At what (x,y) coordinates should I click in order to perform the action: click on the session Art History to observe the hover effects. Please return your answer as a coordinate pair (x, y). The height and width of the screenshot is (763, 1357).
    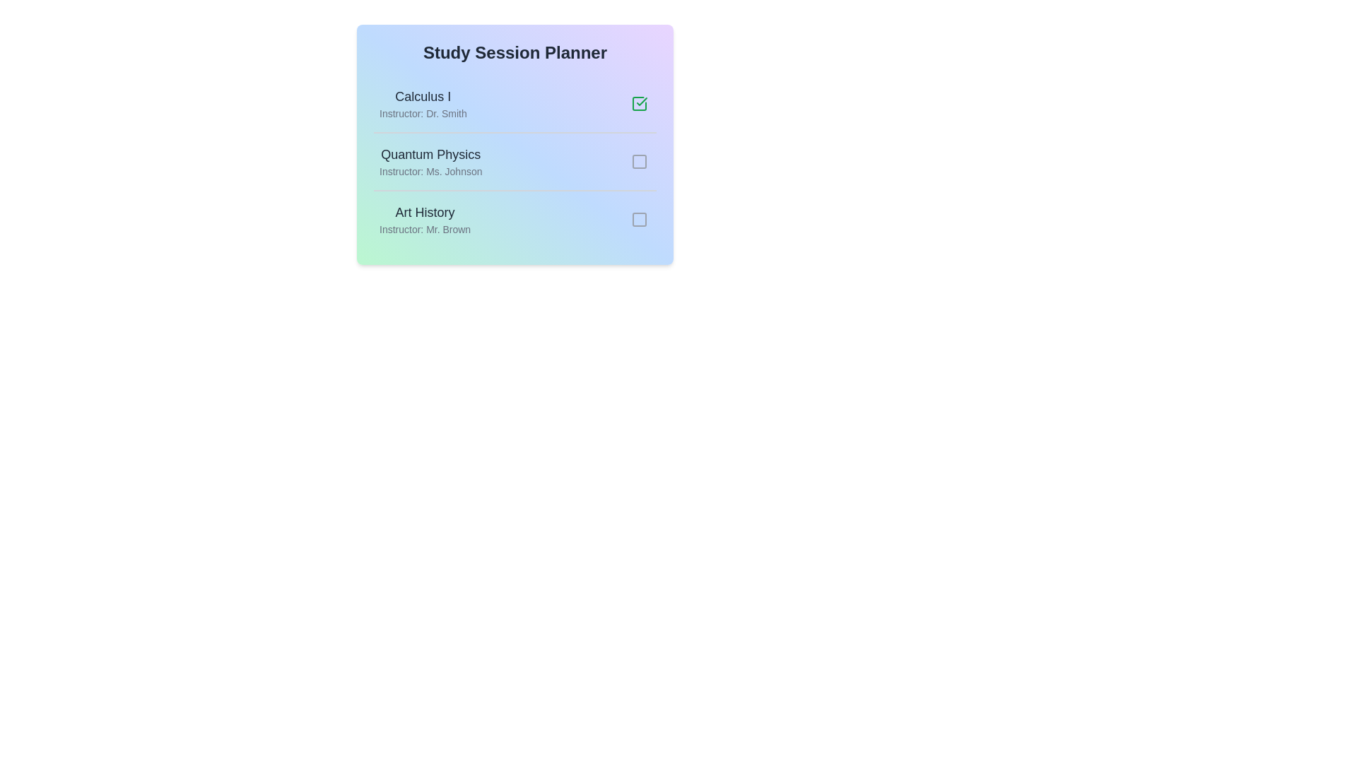
    Looking at the image, I should click on (515, 218).